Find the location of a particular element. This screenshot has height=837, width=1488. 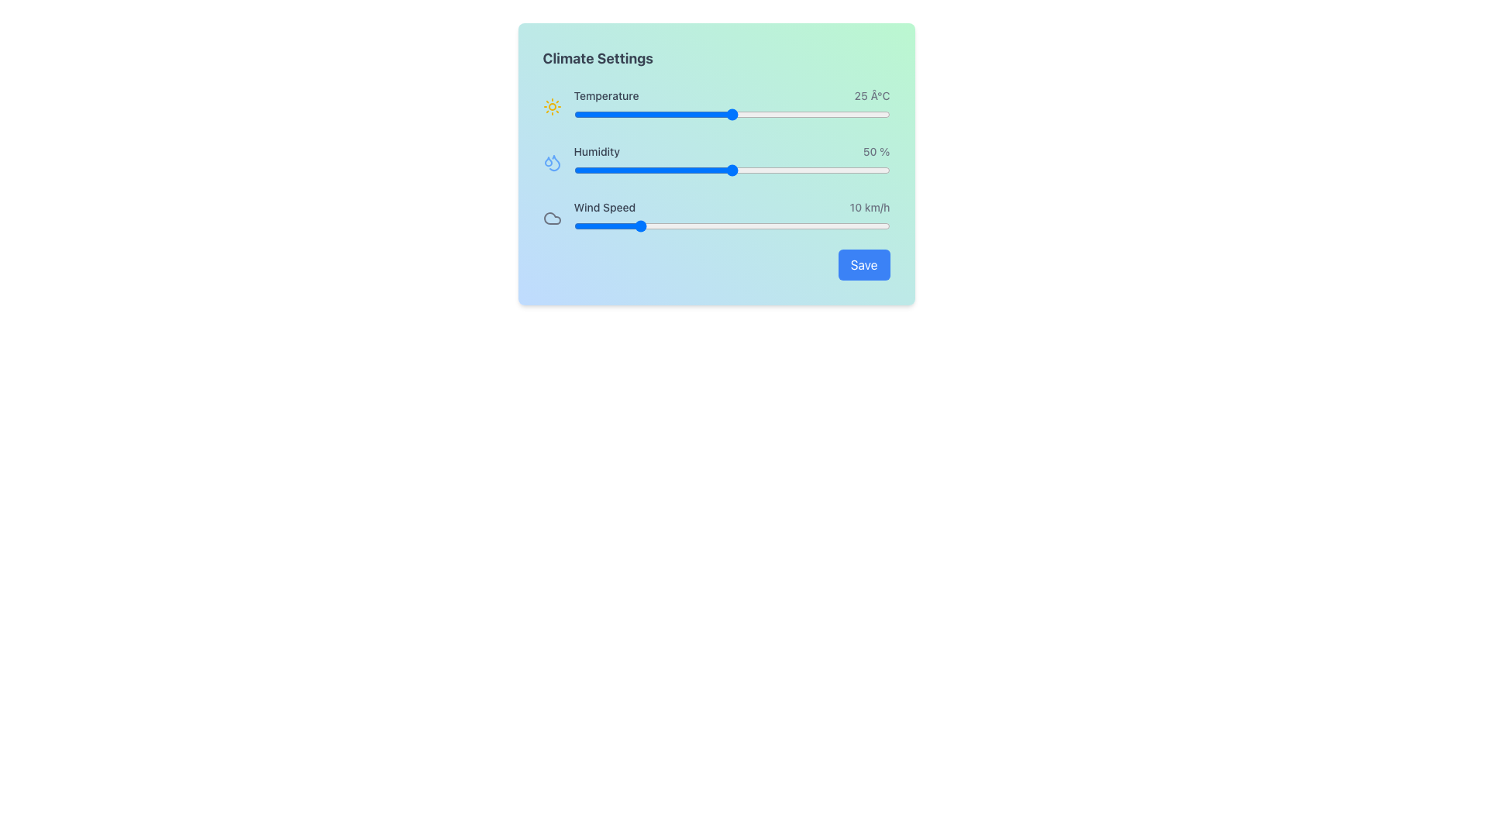

the graphical icon of water droplets that represents the 'Humidity' option in the climate settings interface, located to the left of the text 'Humidity' is located at coordinates (552, 162).